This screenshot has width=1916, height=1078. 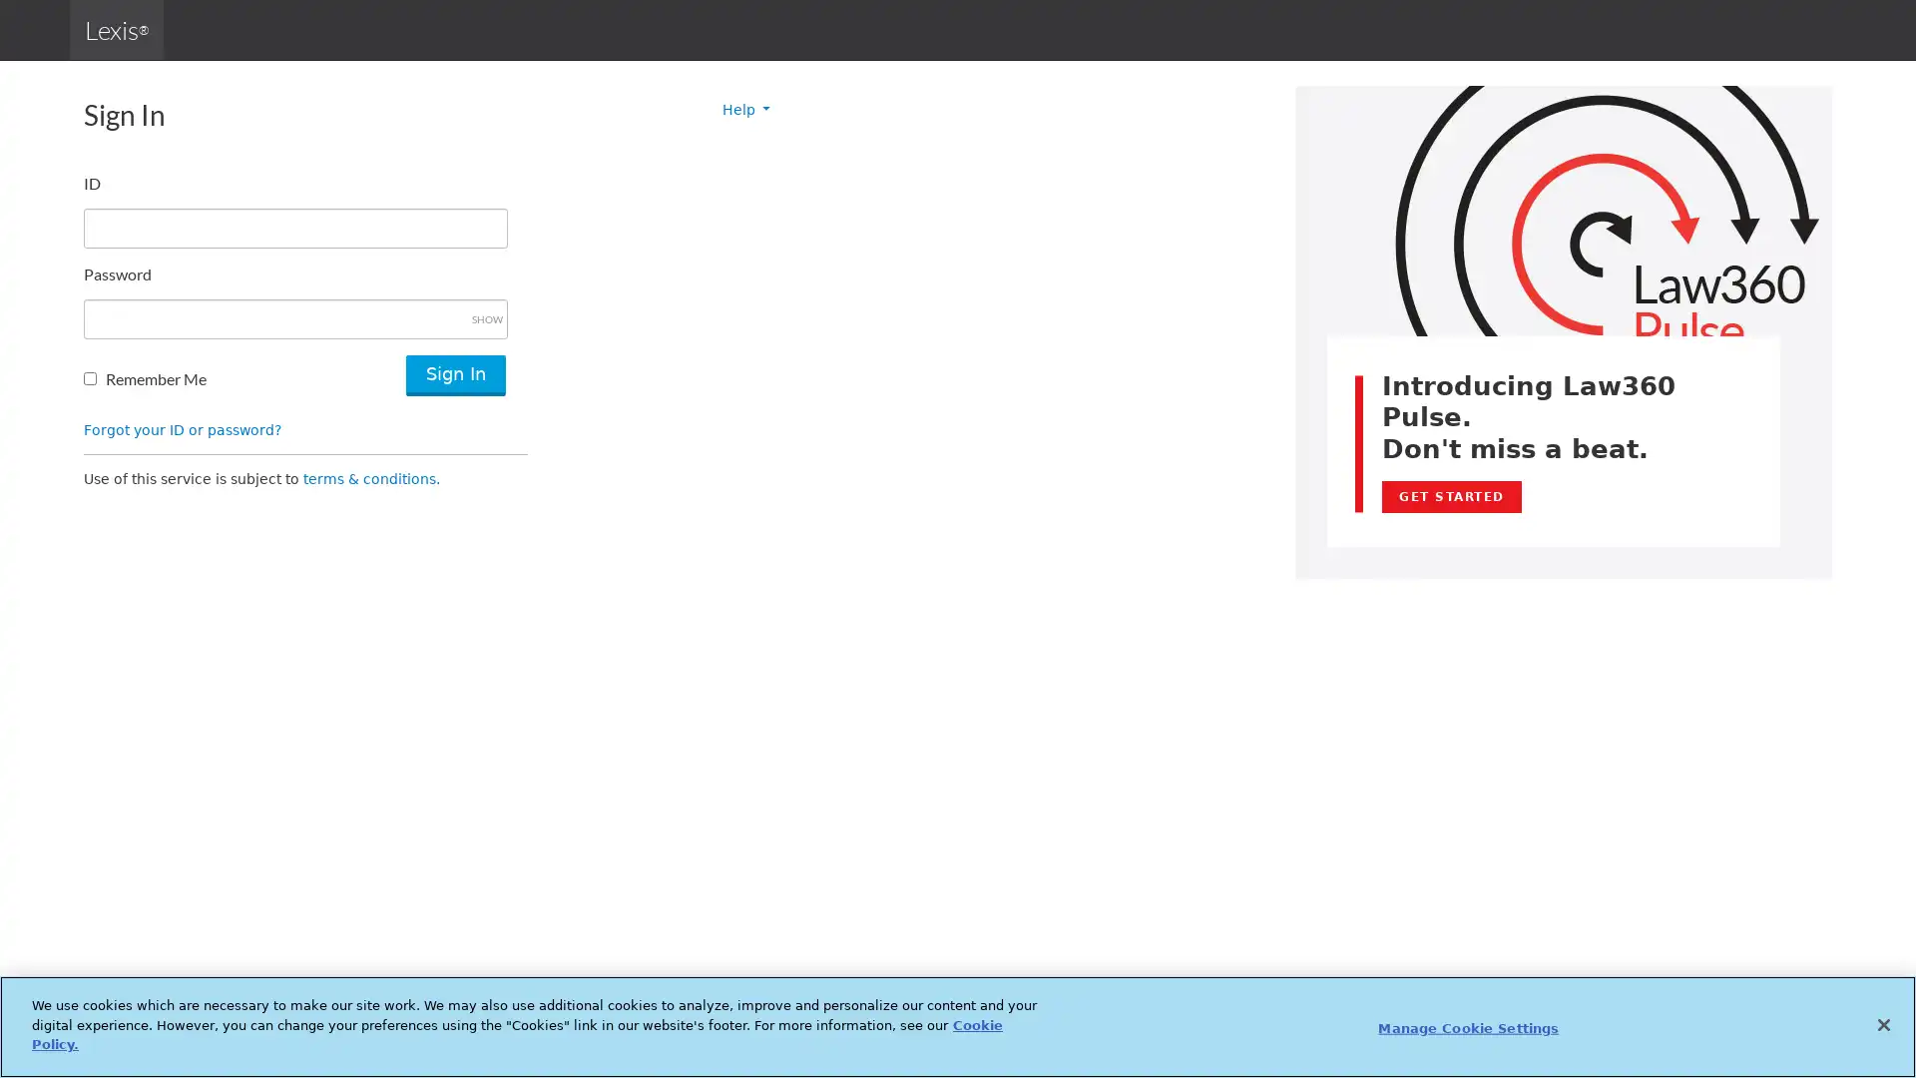 I want to click on Sign In, so click(x=454, y=375).